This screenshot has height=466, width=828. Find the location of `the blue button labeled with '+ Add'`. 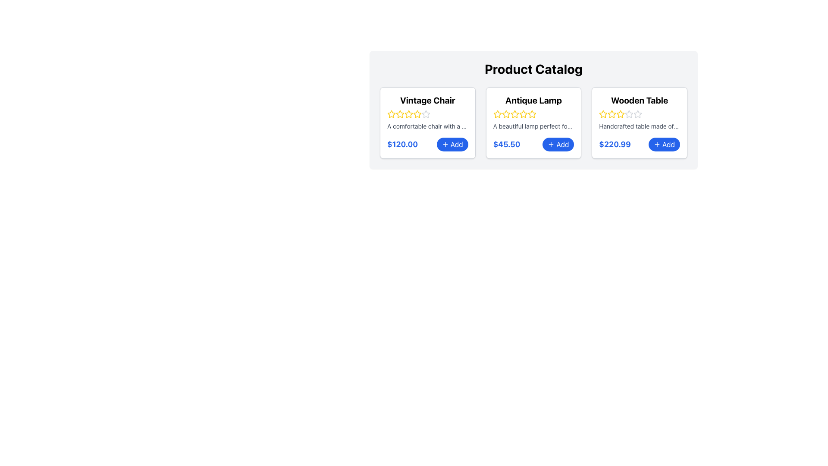

the blue button labeled with '+ Add' is located at coordinates (558, 144).